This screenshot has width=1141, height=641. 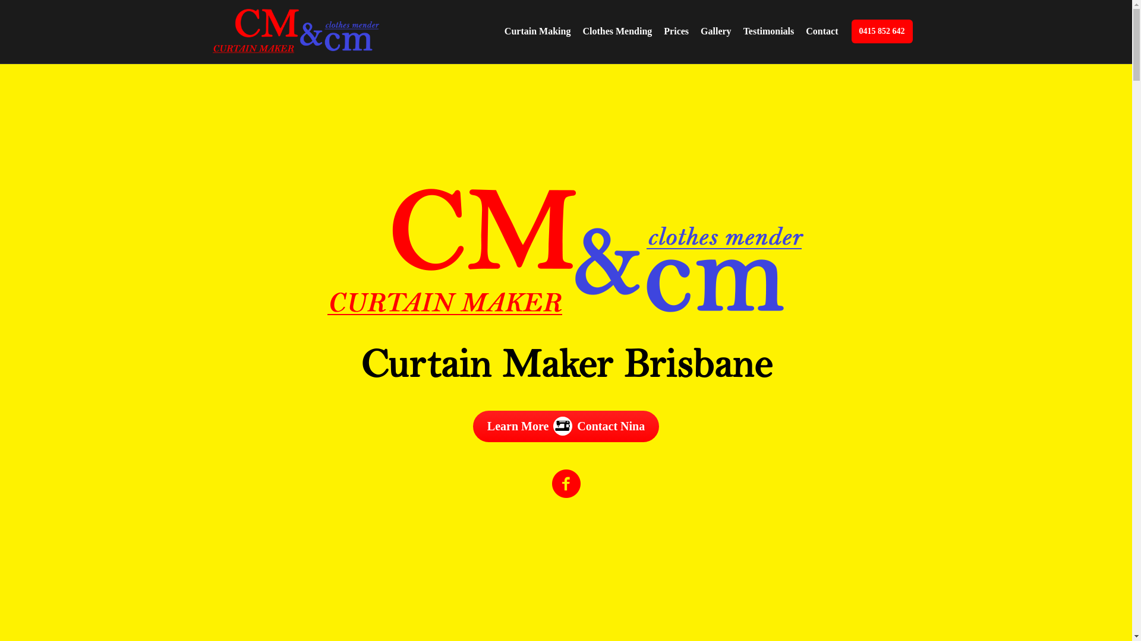 What do you see at coordinates (821, 31) in the screenshot?
I see `'Contact'` at bounding box center [821, 31].